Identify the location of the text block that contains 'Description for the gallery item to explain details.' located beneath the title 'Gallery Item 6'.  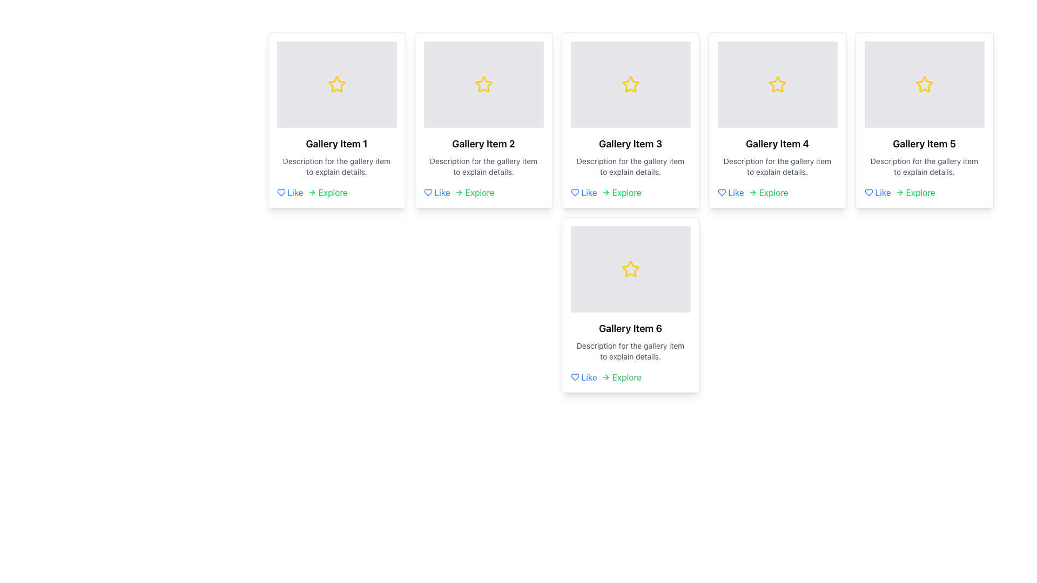
(630, 351).